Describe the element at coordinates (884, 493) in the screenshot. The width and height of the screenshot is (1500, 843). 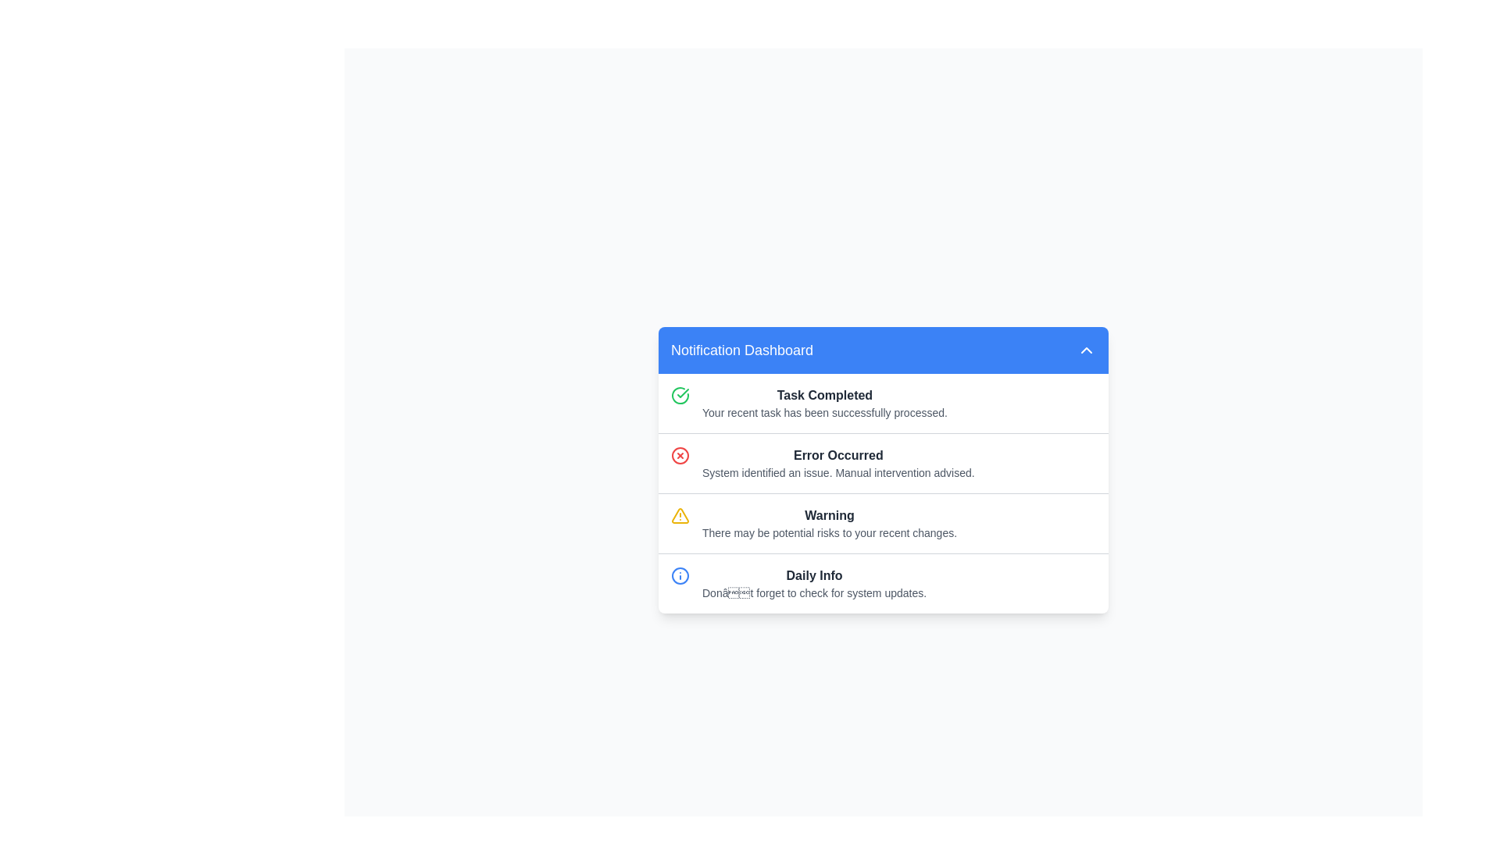
I see `the Notification card group widget located in the Notification Dashboard, which displays multiple notifications with a white background and rounded corners` at that location.